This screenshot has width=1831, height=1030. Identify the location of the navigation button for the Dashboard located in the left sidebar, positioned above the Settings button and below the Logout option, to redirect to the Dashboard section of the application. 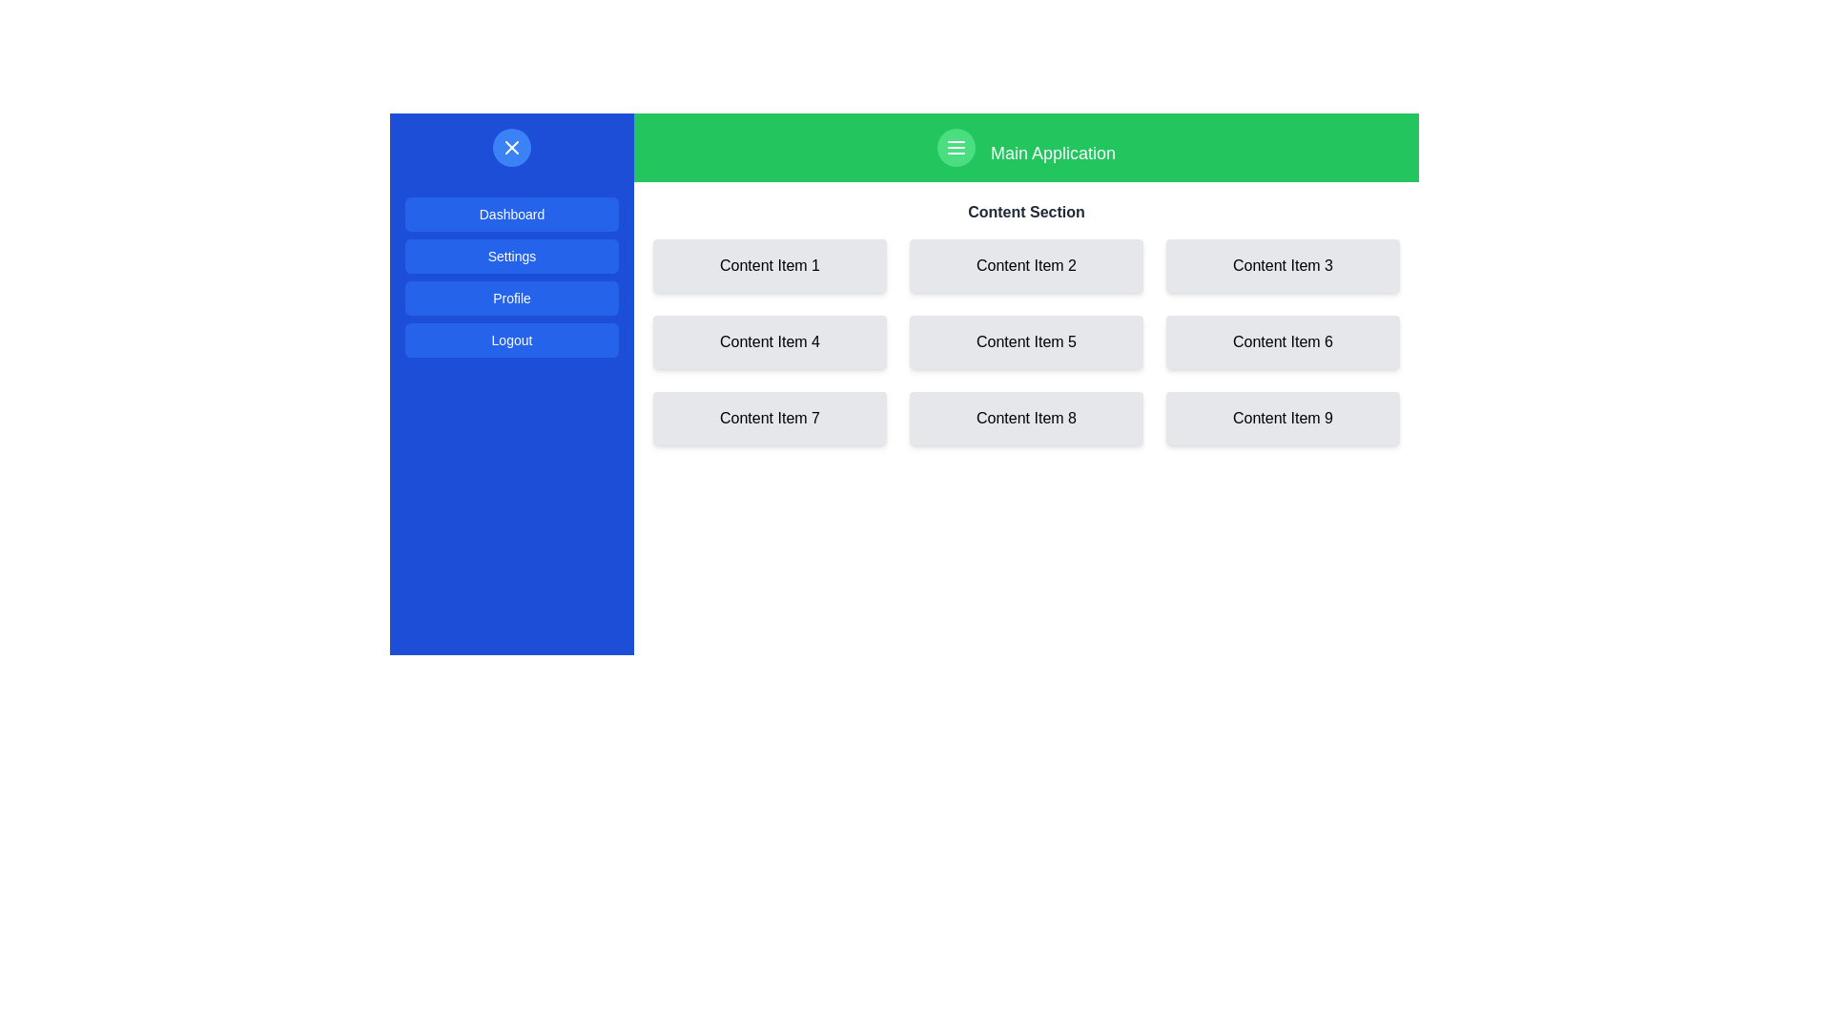
(512, 214).